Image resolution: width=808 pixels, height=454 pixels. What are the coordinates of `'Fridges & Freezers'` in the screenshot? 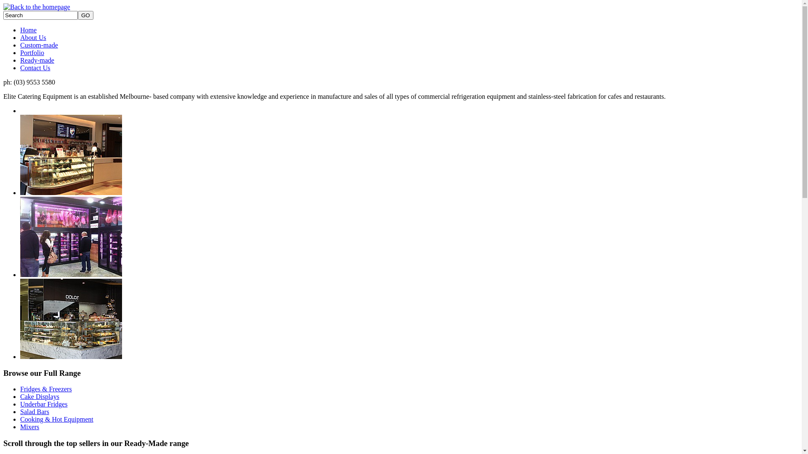 It's located at (45, 389).